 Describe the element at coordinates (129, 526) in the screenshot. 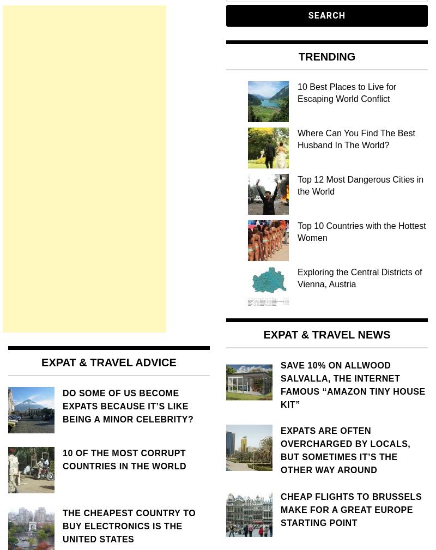

I see `'The cheapest country to buy electronics is the United States'` at that location.